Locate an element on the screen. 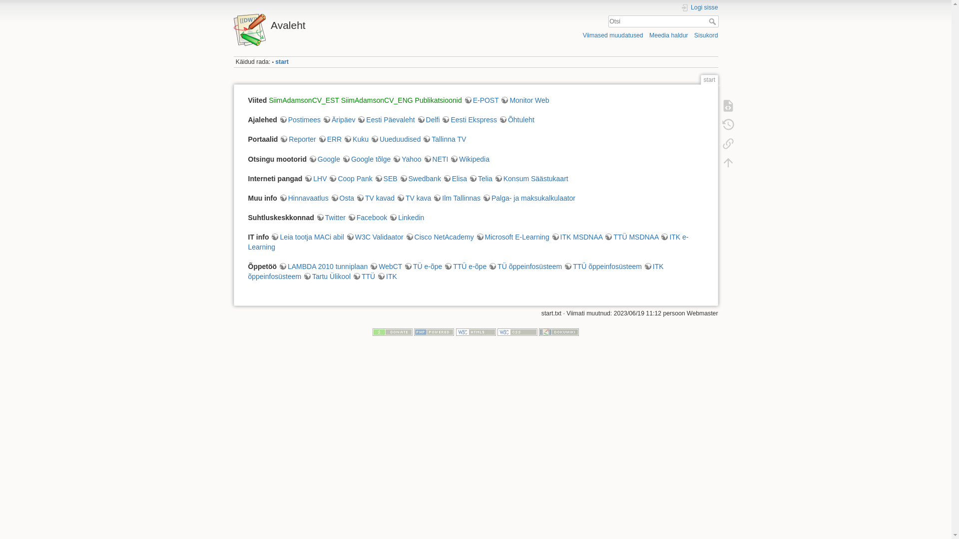 This screenshot has height=539, width=959. 'Cisco NetAcademy' is located at coordinates (405, 237).